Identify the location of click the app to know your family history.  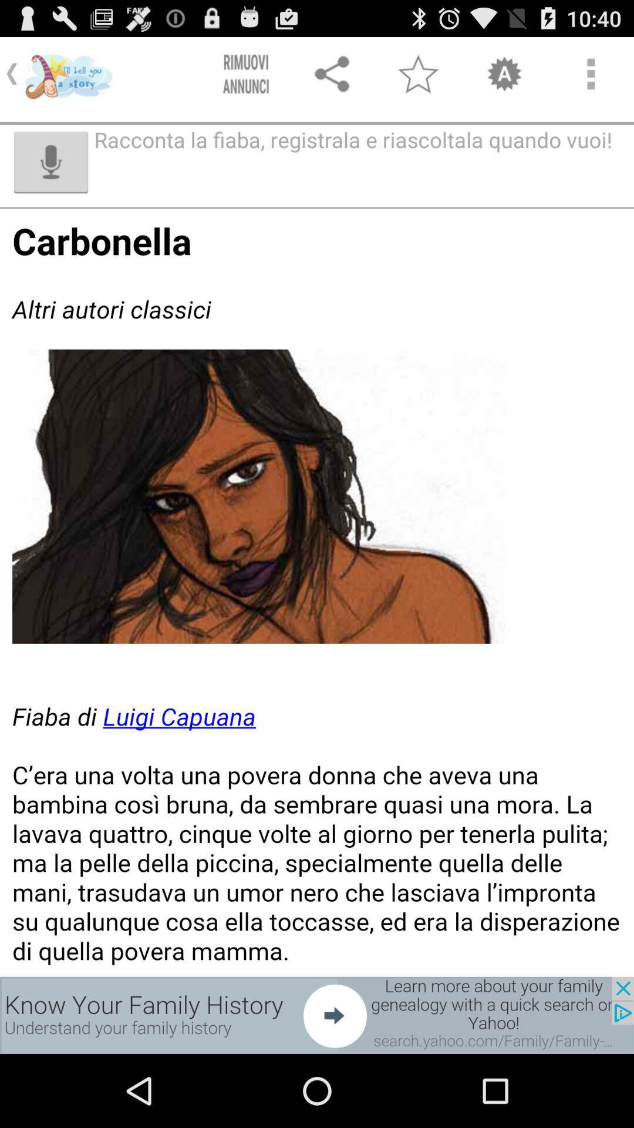
(317, 1015).